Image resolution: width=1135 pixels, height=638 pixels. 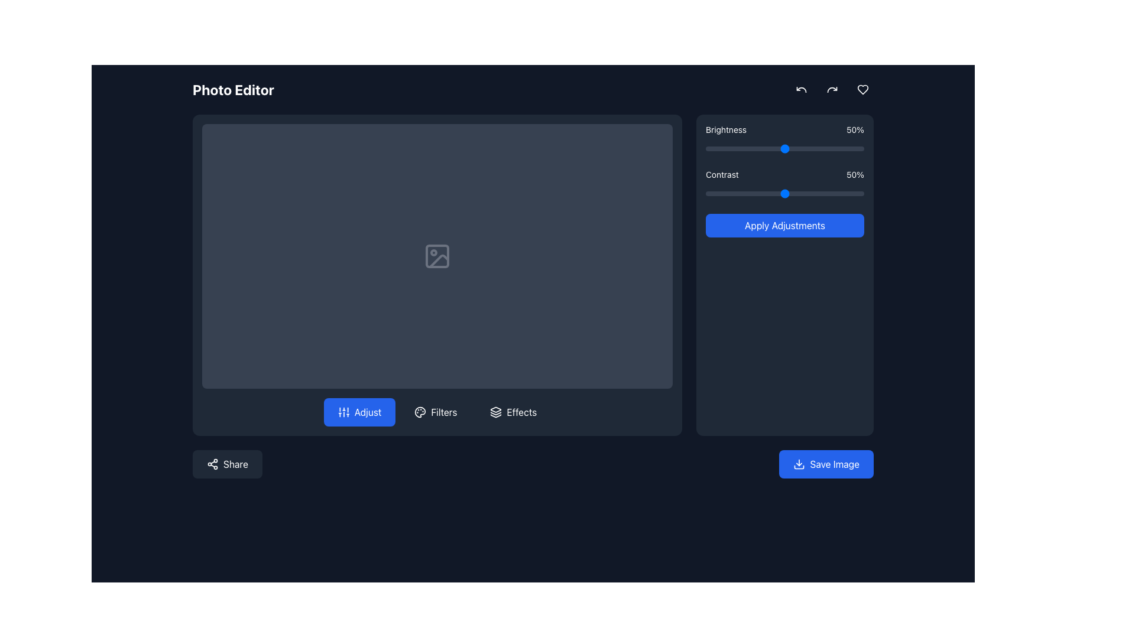 What do you see at coordinates (436, 255) in the screenshot?
I see `the central area of the image-like icon representing a placeholder for an image in the dark gray editor viewport` at bounding box center [436, 255].